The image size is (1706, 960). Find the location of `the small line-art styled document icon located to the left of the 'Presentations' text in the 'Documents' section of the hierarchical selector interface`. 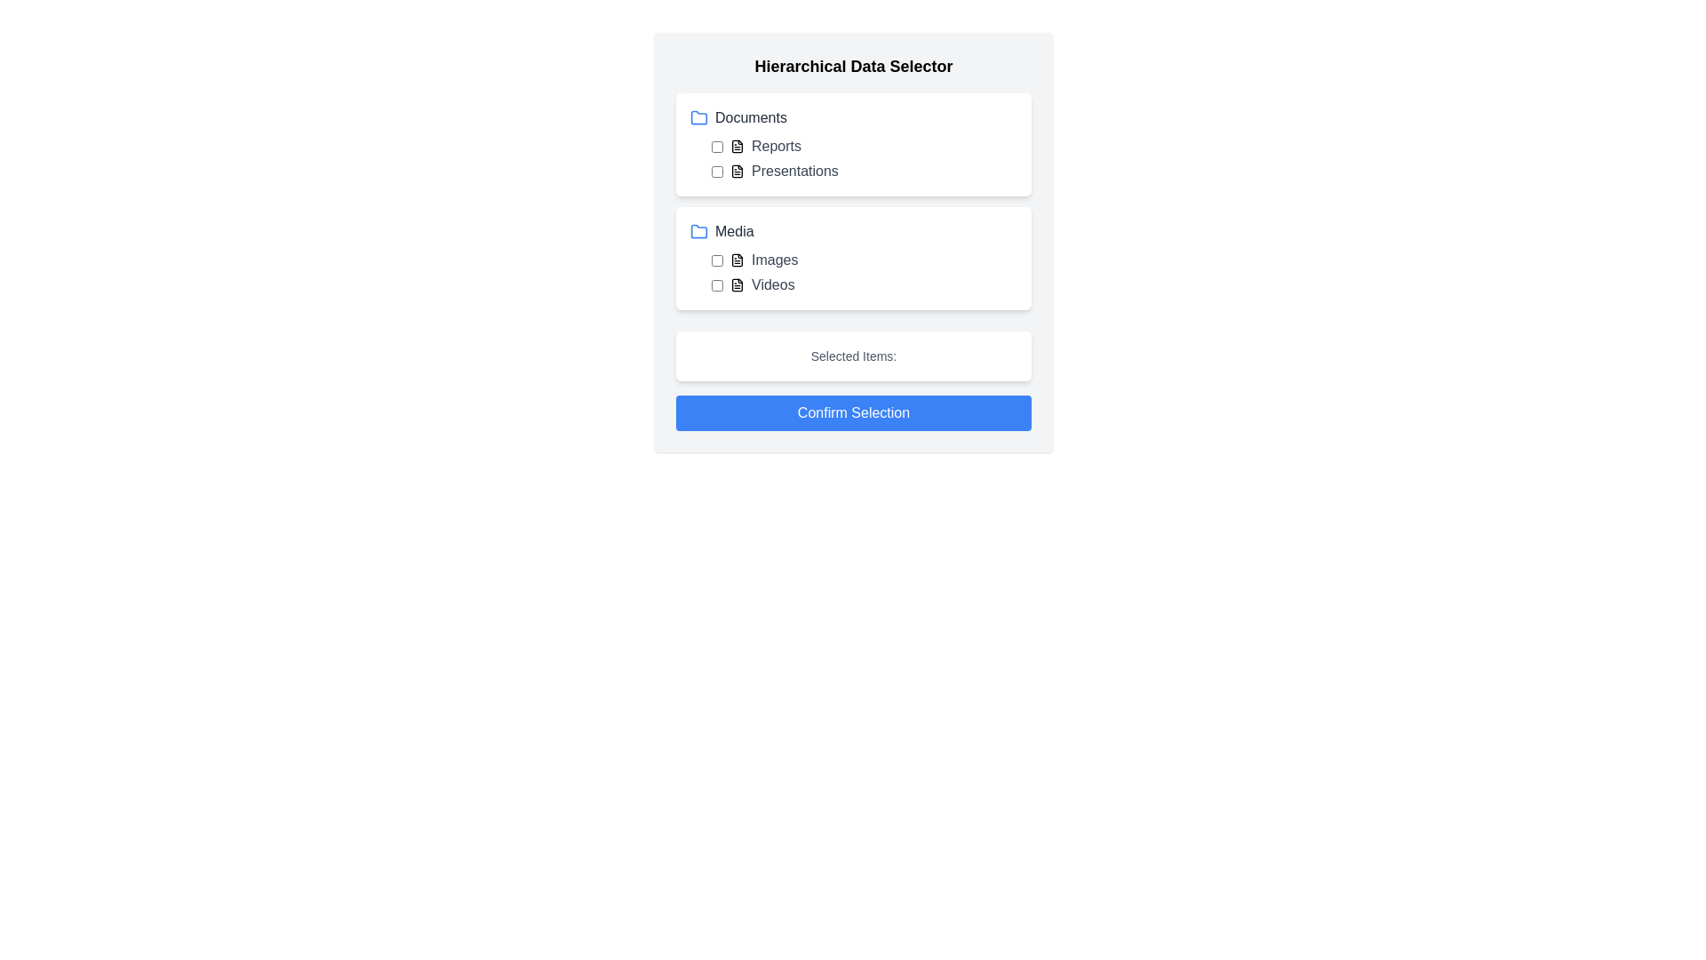

the small line-art styled document icon located to the left of the 'Presentations' text in the 'Documents' section of the hierarchical selector interface is located at coordinates (737, 171).